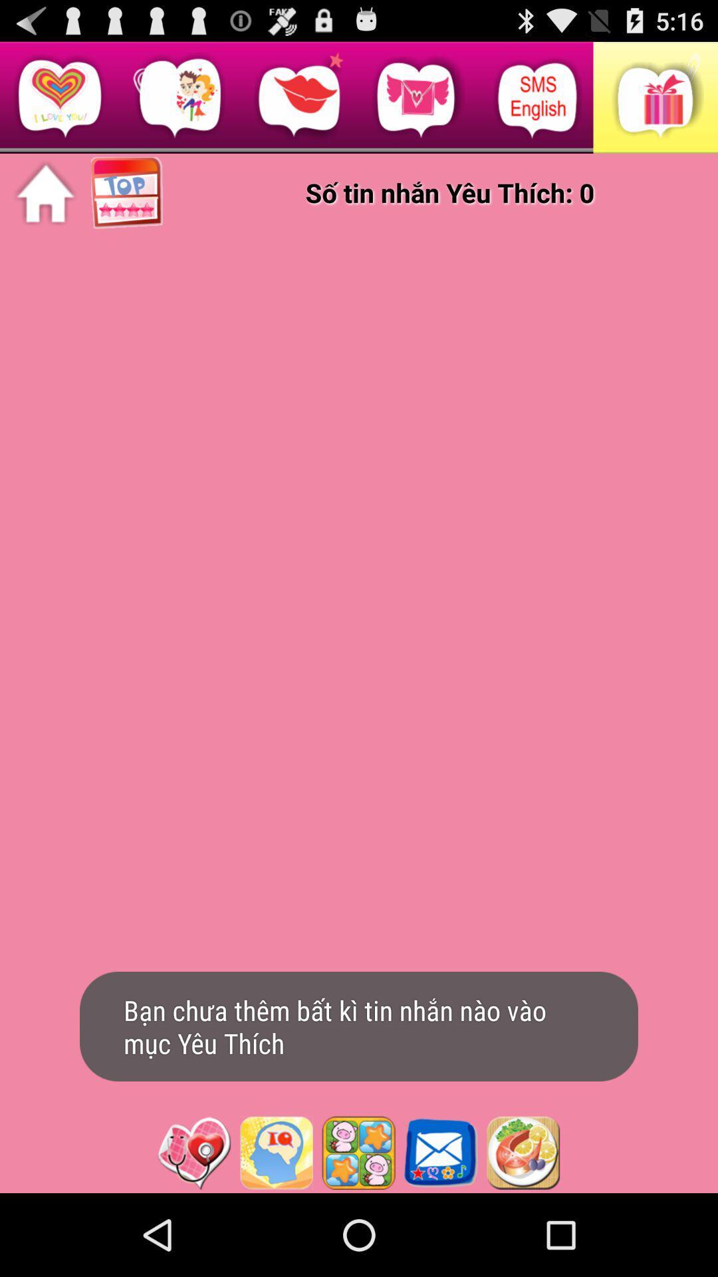  I want to click on see messages, so click(441, 1152).